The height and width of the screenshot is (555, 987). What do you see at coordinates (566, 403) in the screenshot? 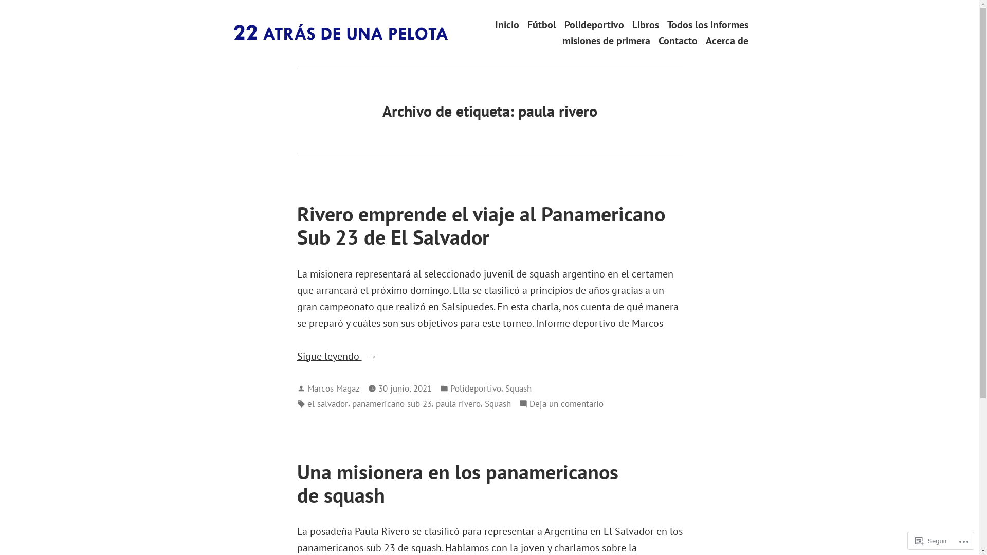
I see `'Deja un comentario'` at bounding box center [566, 403].